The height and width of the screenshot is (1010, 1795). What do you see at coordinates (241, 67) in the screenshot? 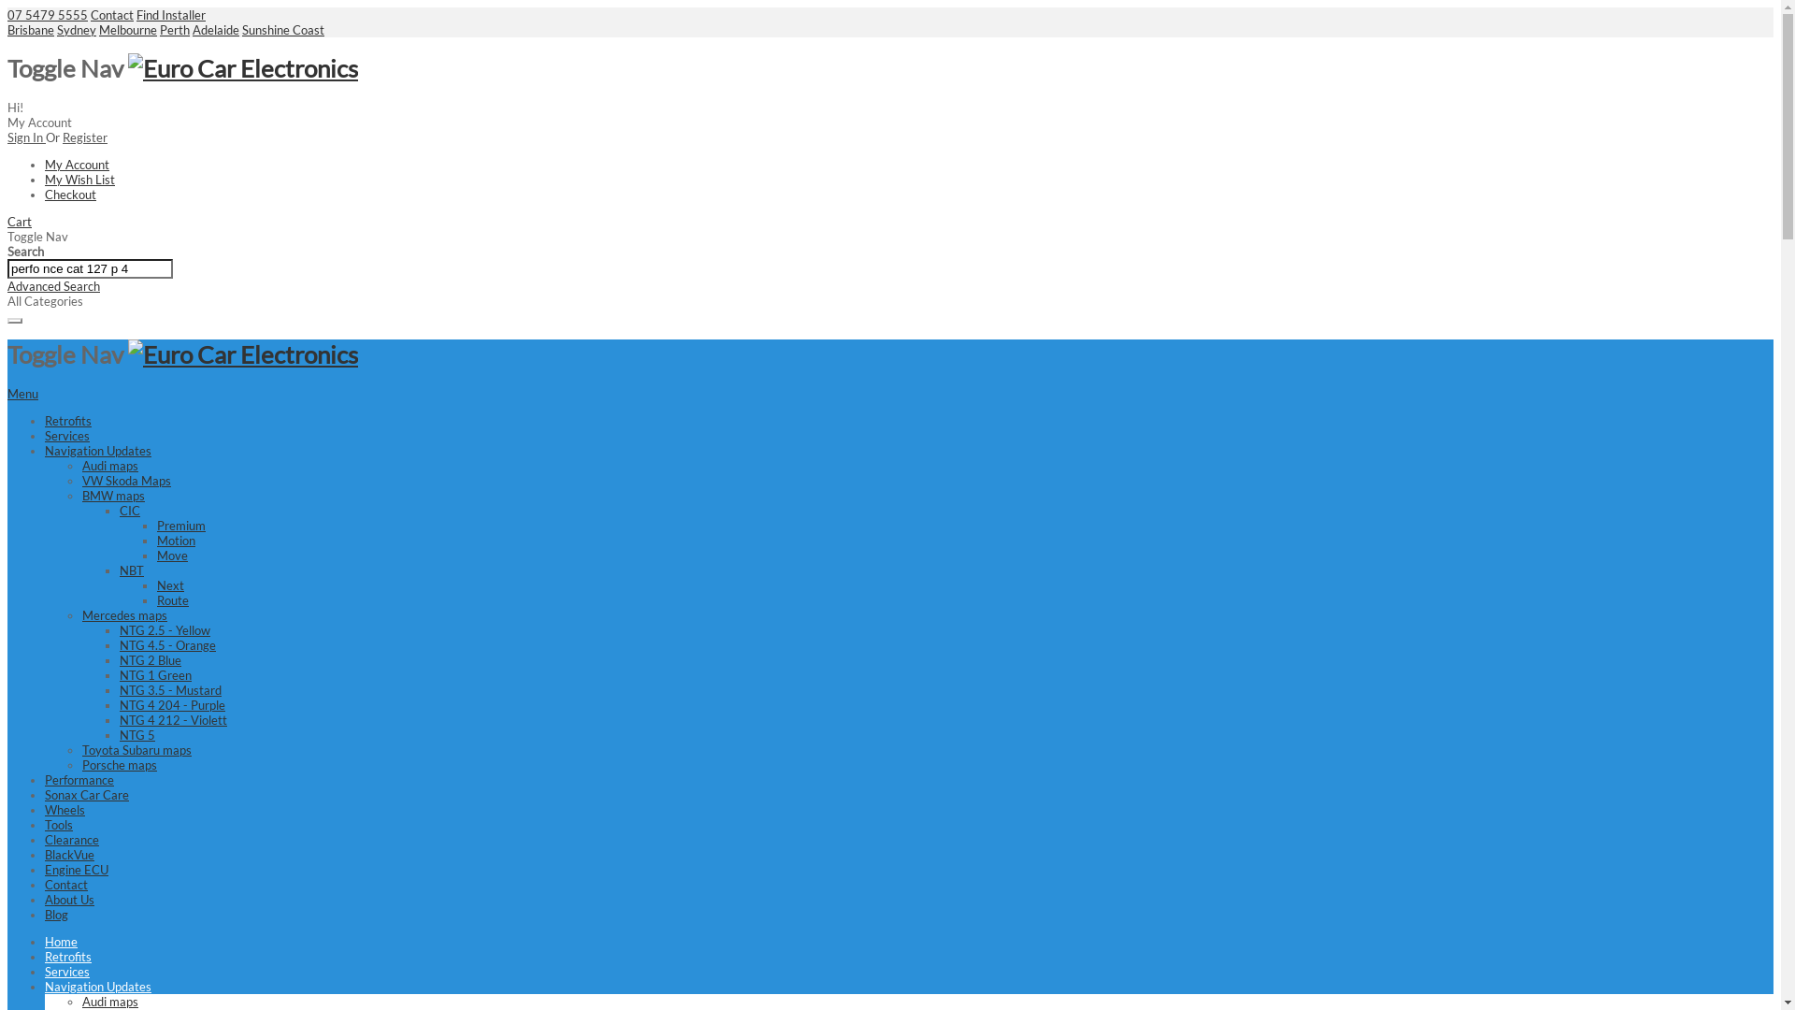
I see `'Euro Car Electronics'` at bounding box center [241, 67].